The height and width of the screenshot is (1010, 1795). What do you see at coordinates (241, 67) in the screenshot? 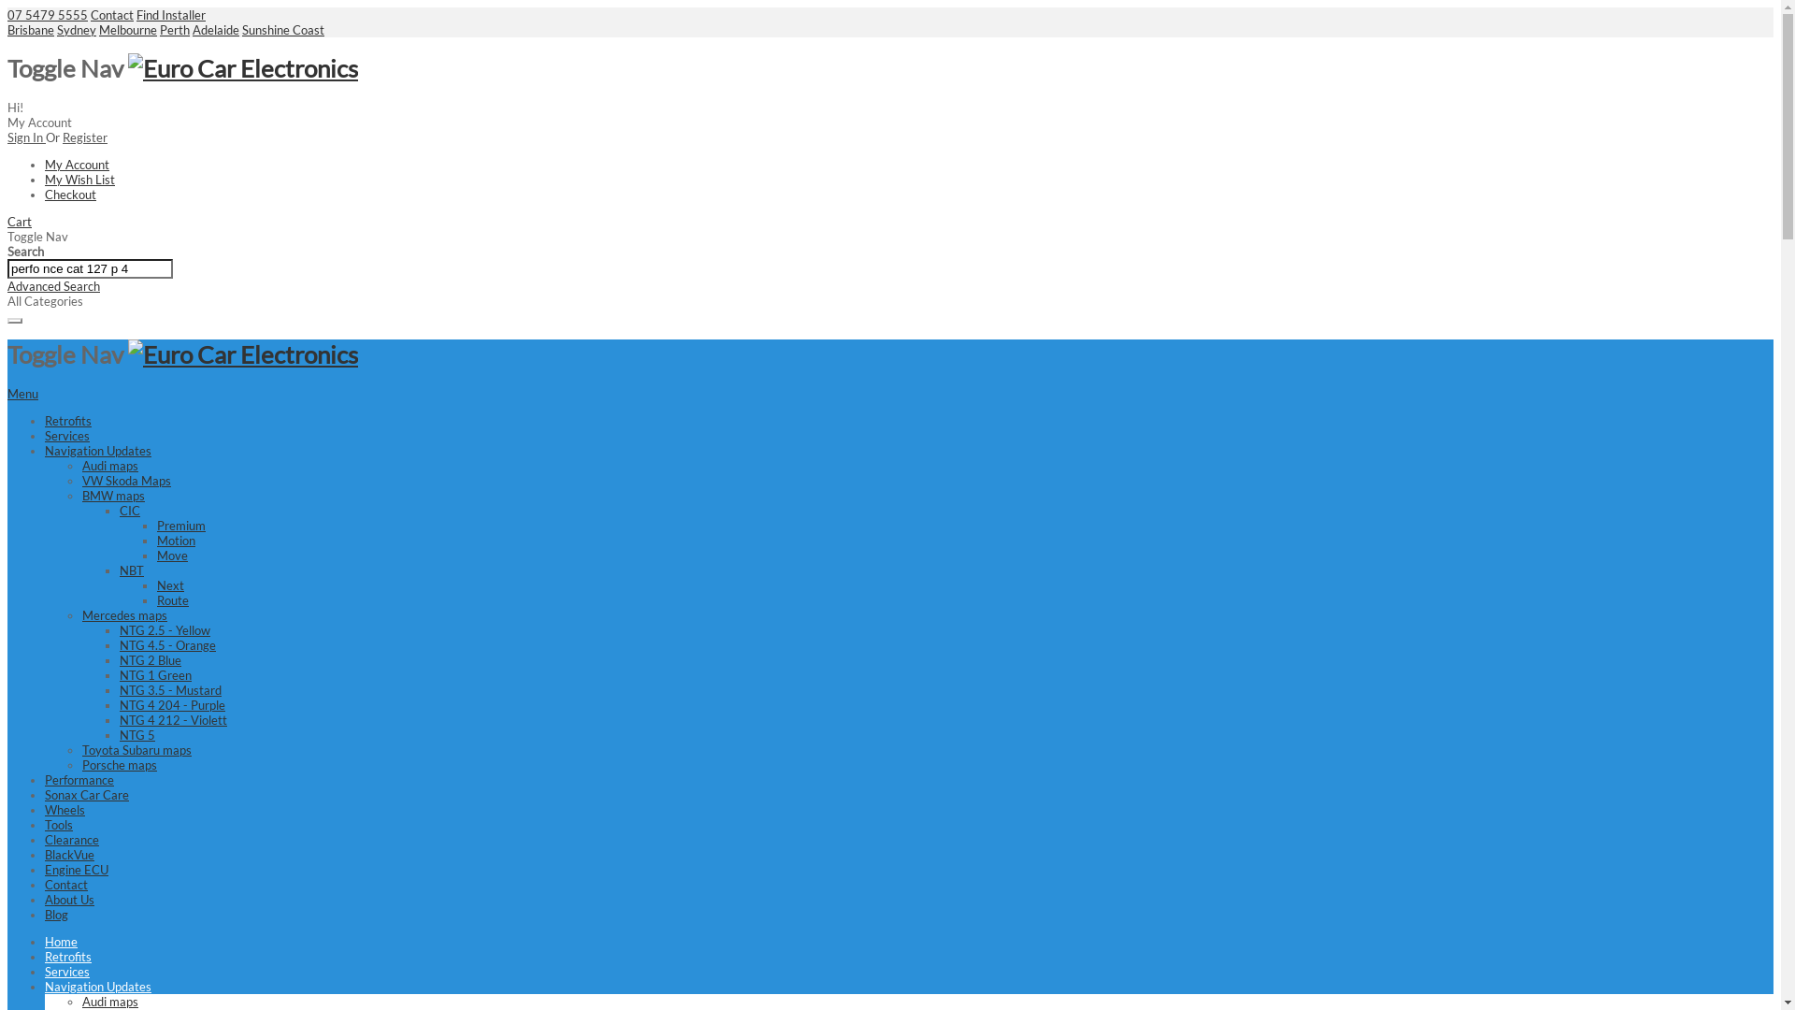
I see `'Euro Car Electronics'` at bounding box center [241, 67].